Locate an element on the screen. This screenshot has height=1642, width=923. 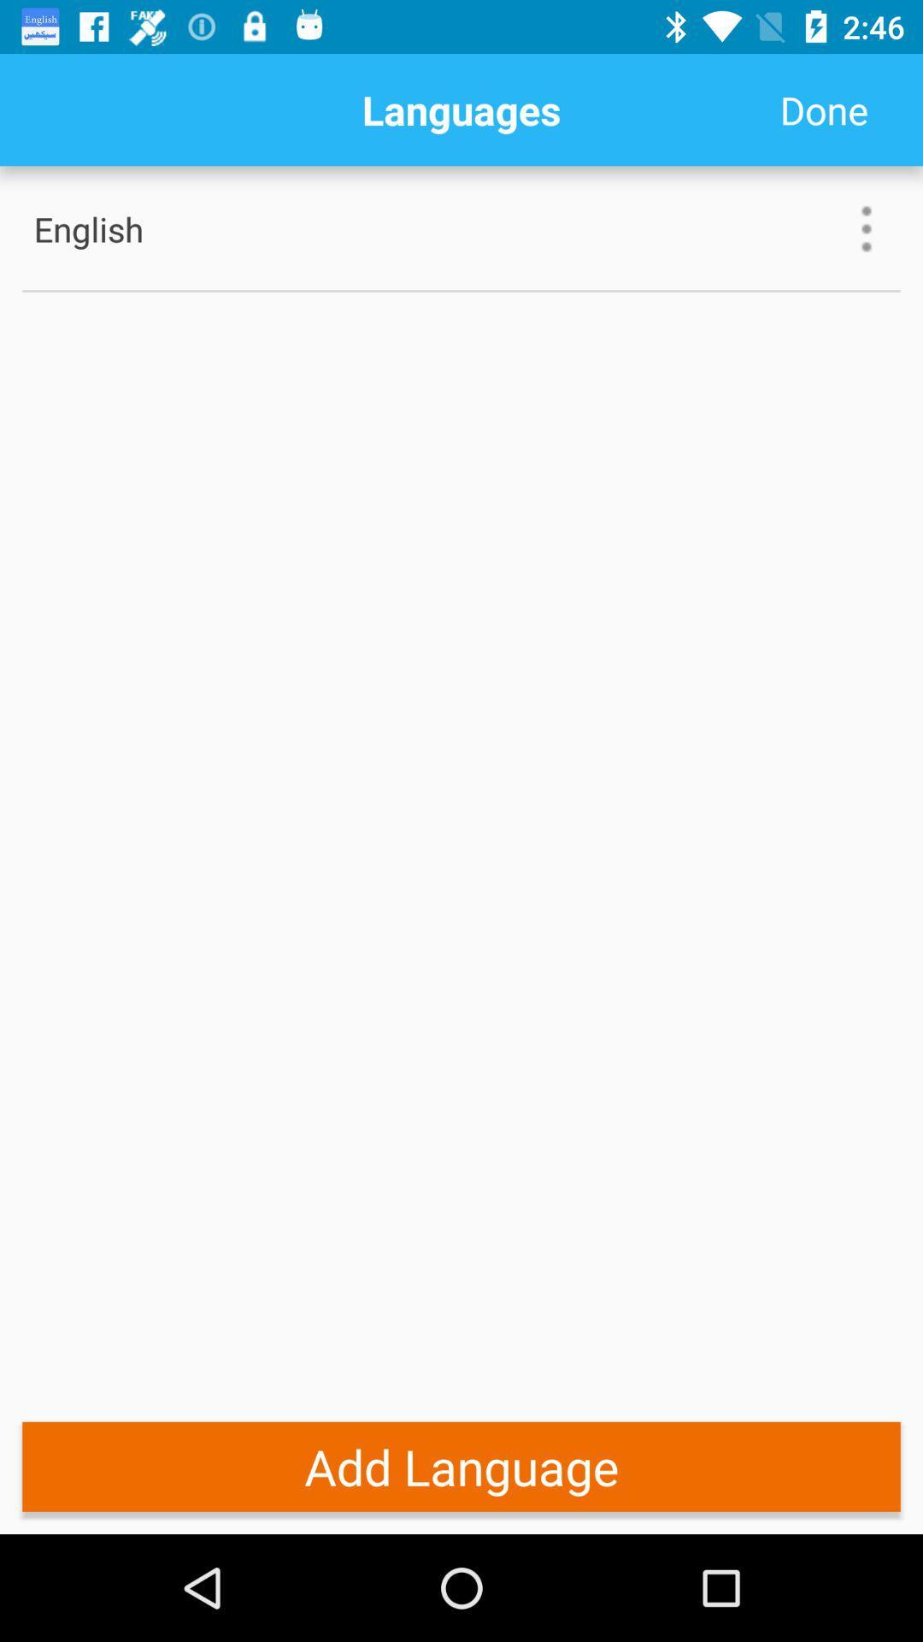
open menu is located at coordinates (867, 227).